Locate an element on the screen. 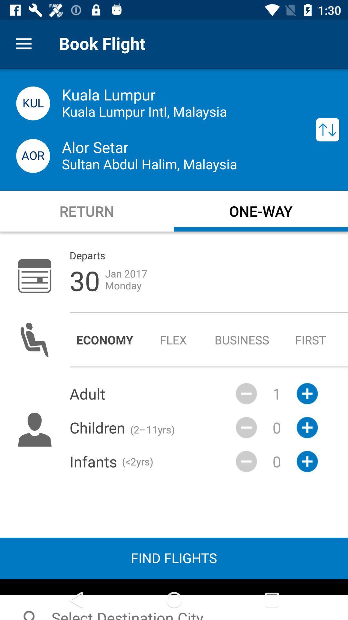 This screenshot has height=620, width=348. the add icon is located at coordinates (307, 428).